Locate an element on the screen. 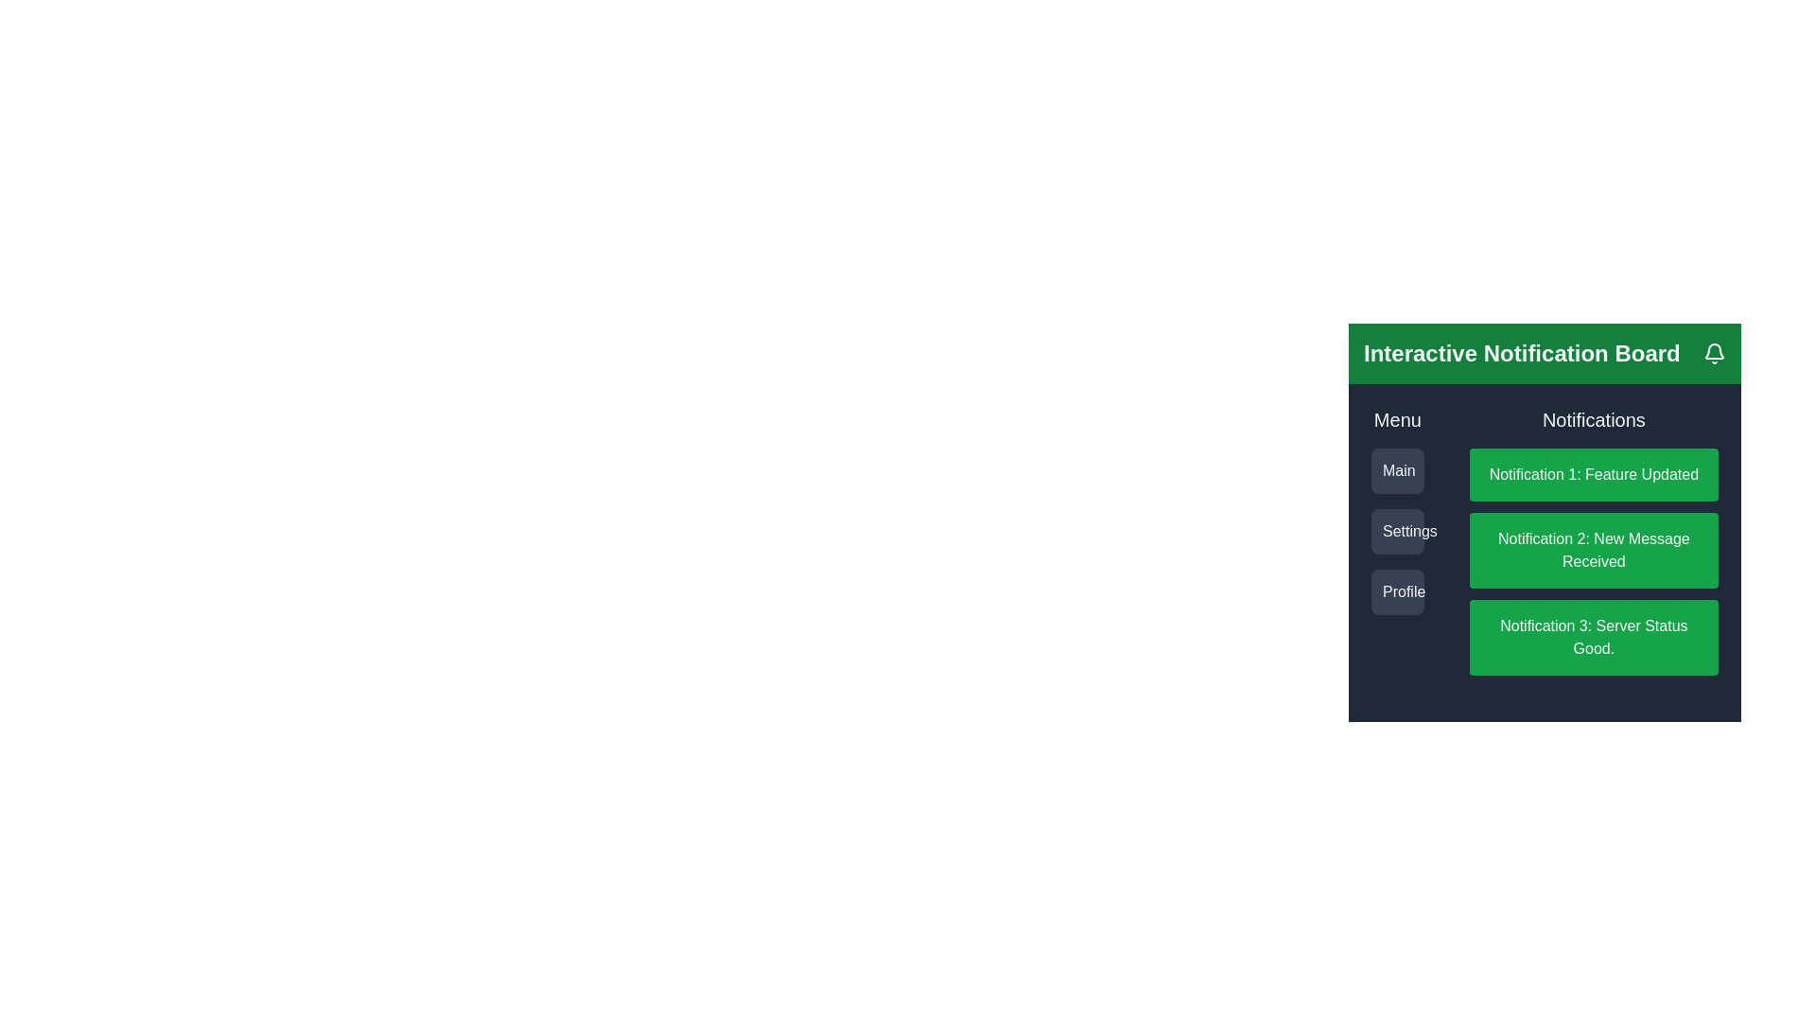 This screenshot has width=1816, height=1022. the 'Profile' button, which is a rectangular dark gray button with white text, located below the 'Settings' button in the menu on the left side of the interface is located at coordinates (1397, 590).